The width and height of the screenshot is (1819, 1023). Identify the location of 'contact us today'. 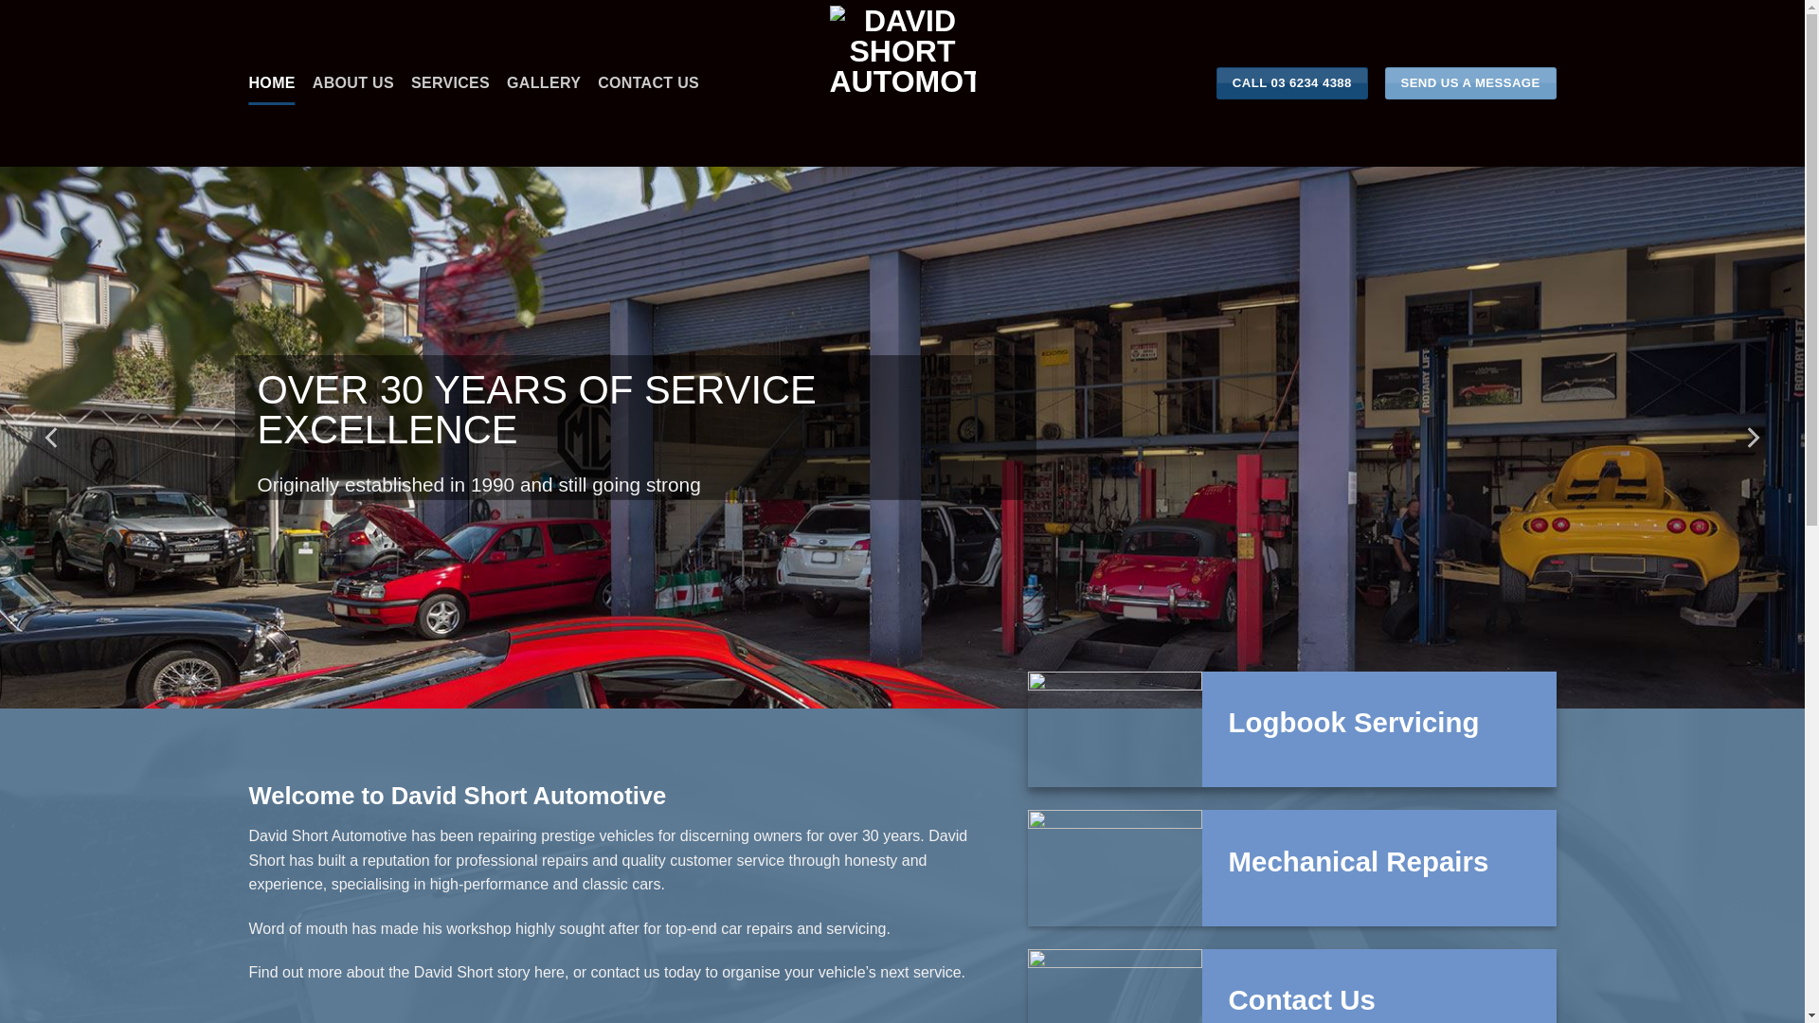
(646, 972).